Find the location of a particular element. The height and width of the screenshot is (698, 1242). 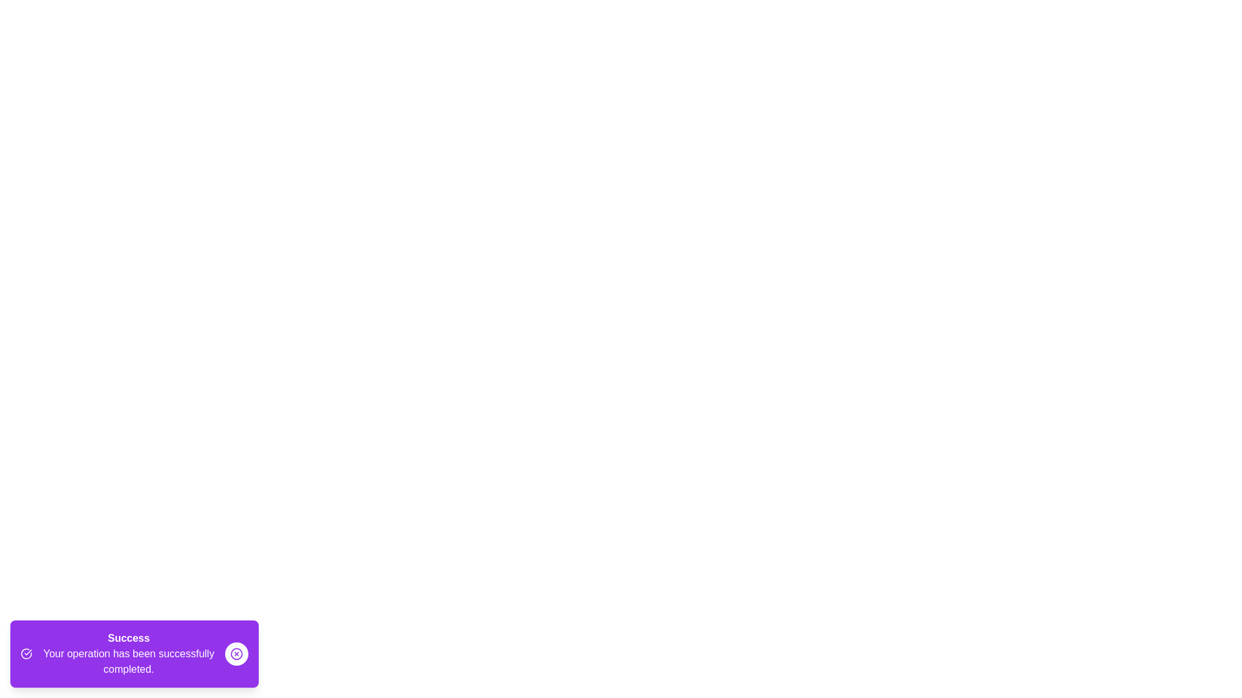

the close button of the snackbar to dismiss it is located at coordinates (236, 653).